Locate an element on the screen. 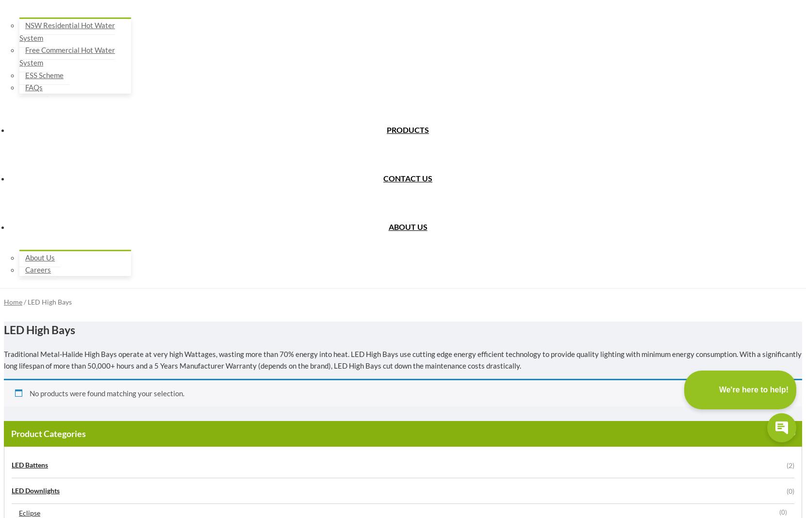 The width and height of the screenshot is (806, 518). 'Eclipse' is located at coordinates (29, 513).